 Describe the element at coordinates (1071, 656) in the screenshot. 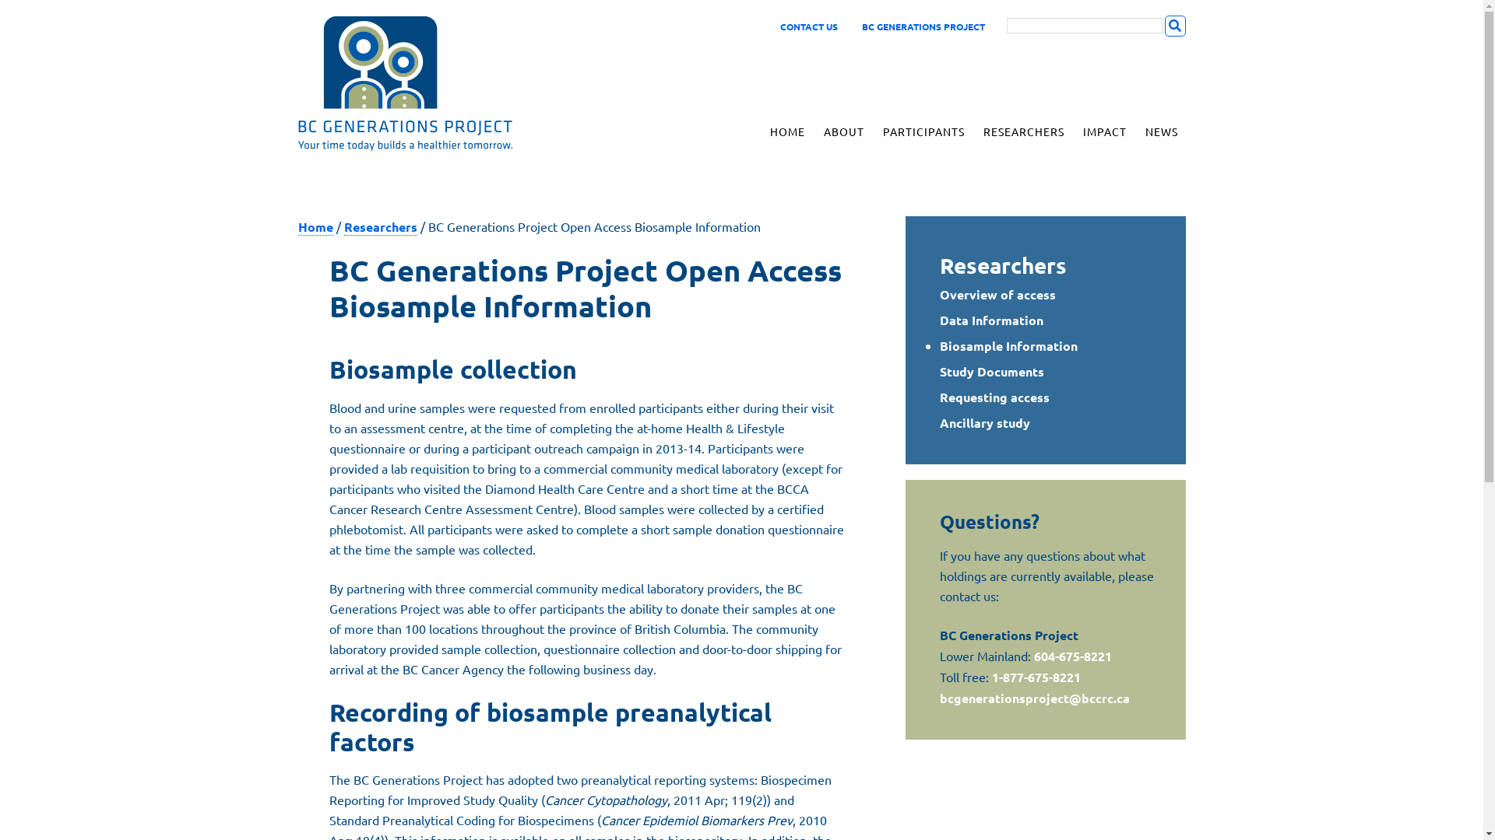

I see `'604-675-8221'` at that location.